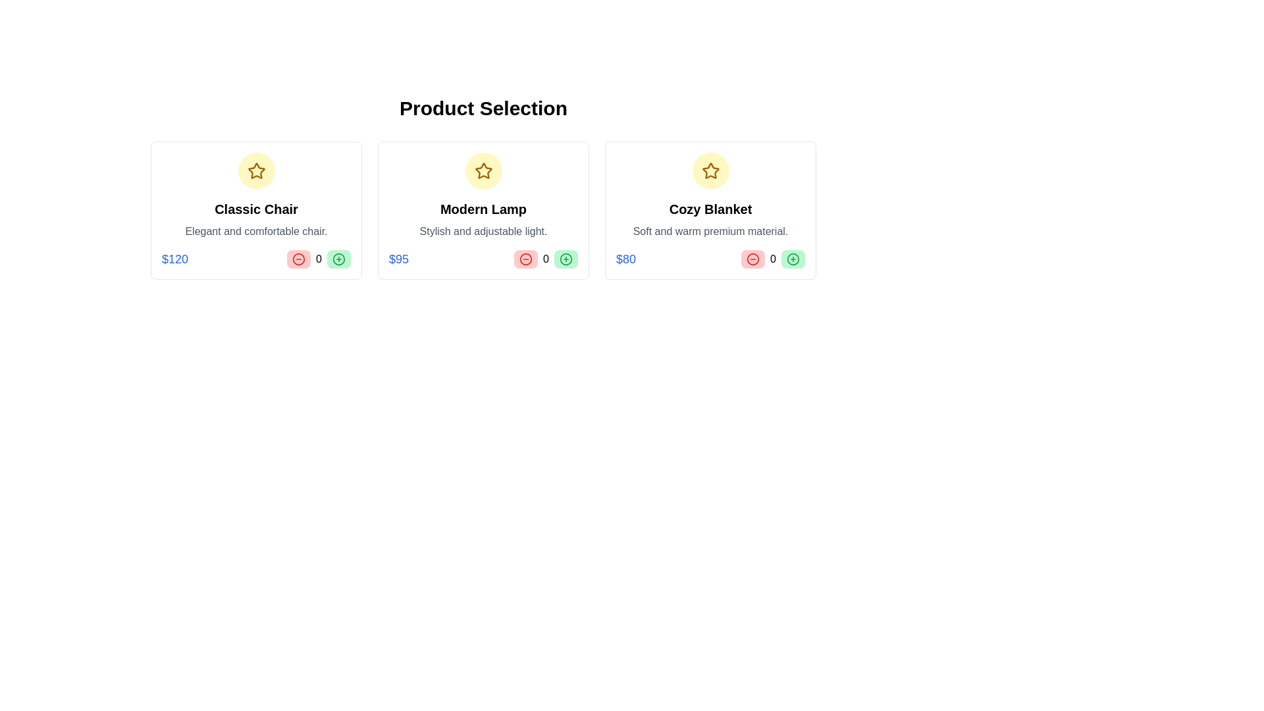  Describe the element at coordinates (792, 259) in the screenshot. I see `the small circular green icon button with a plus sign inside, located at the lower-right corner of the 'Cozy Blanket' card` at that location.